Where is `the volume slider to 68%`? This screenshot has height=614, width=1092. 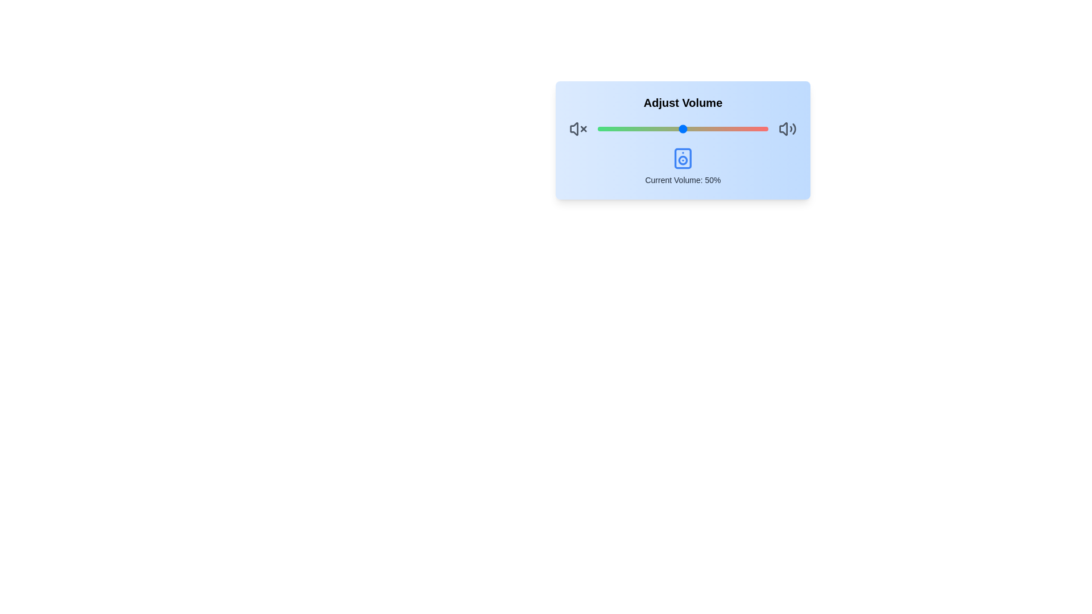
the volume slider to 68% is located at coordinates (713, 128).